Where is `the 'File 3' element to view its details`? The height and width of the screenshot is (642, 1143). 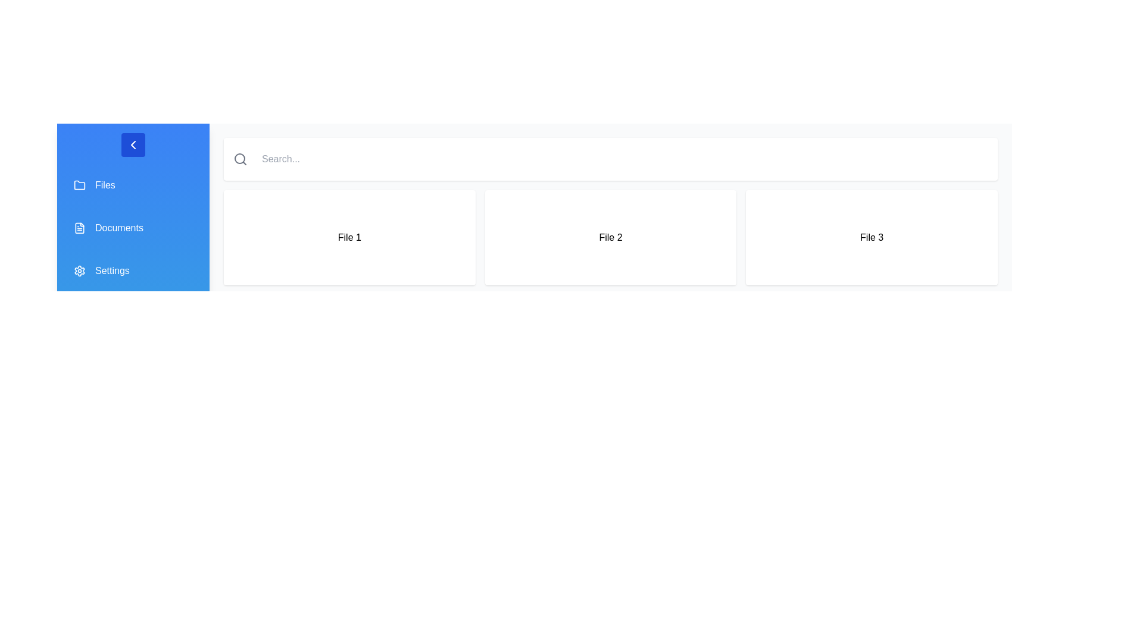 the 'File 3' element to view its details is located at coordinates (872, 238).